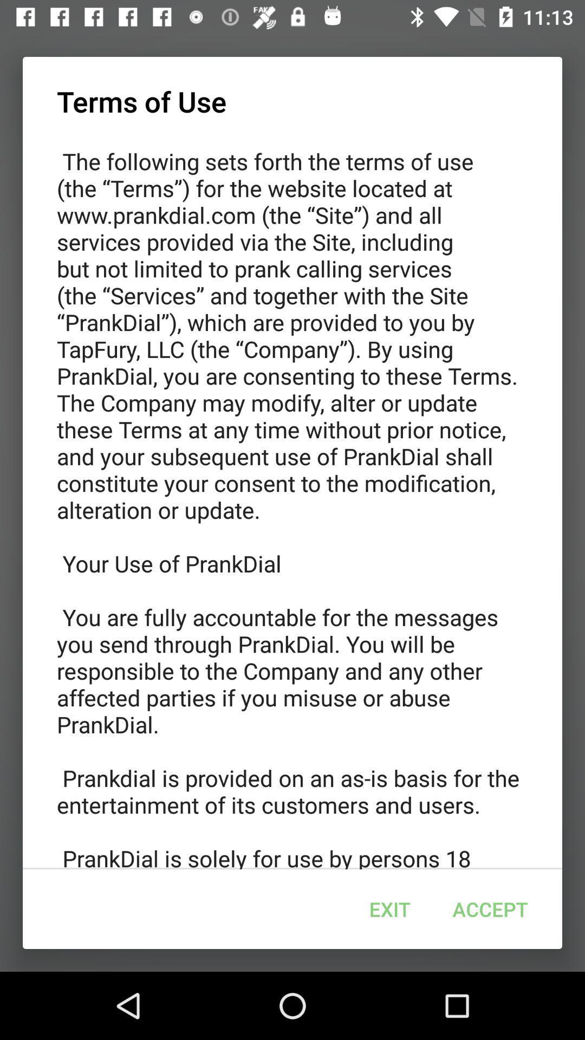 The image size is (585, 1040). Describe the element at coordinates (390, 909) in the screenshot. I see `the item next to the accept item` at that location.